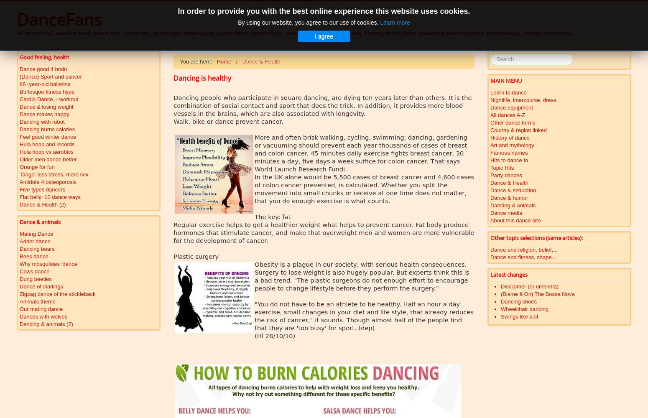 The height and width of the screenshot is (418, 648). I want to click on 'Dance of starlings', so click(41, 286).